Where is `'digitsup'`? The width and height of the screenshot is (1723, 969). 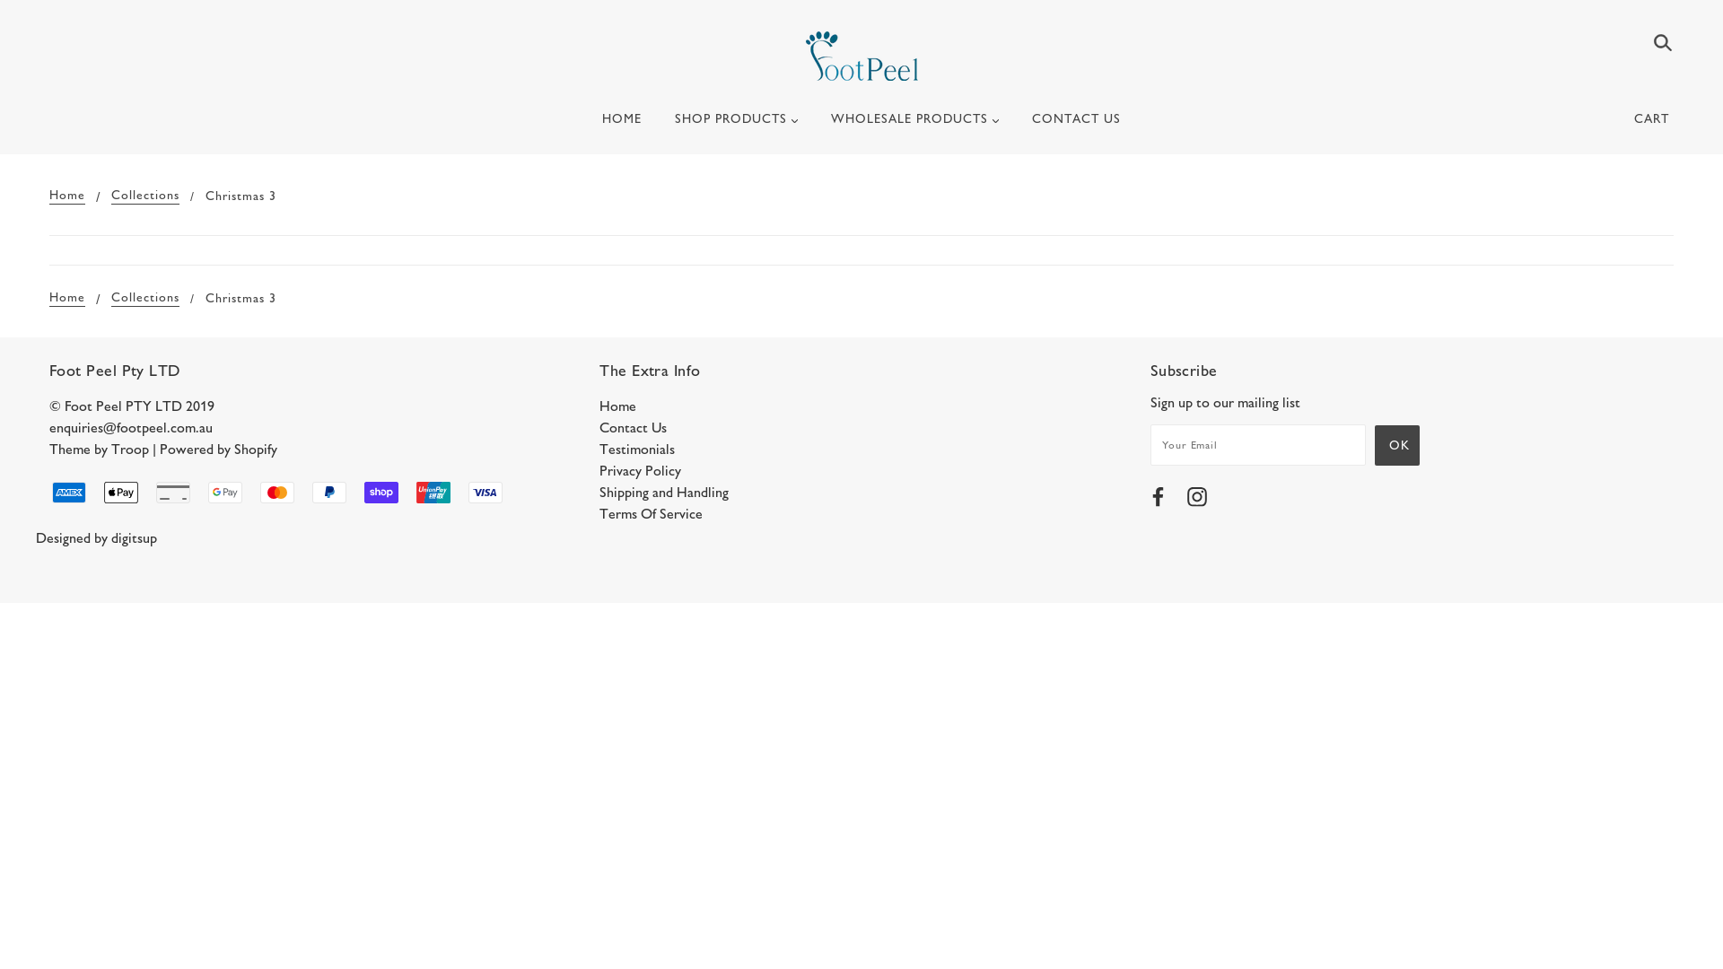
'digitsup' is located at coordinates (133, 537).